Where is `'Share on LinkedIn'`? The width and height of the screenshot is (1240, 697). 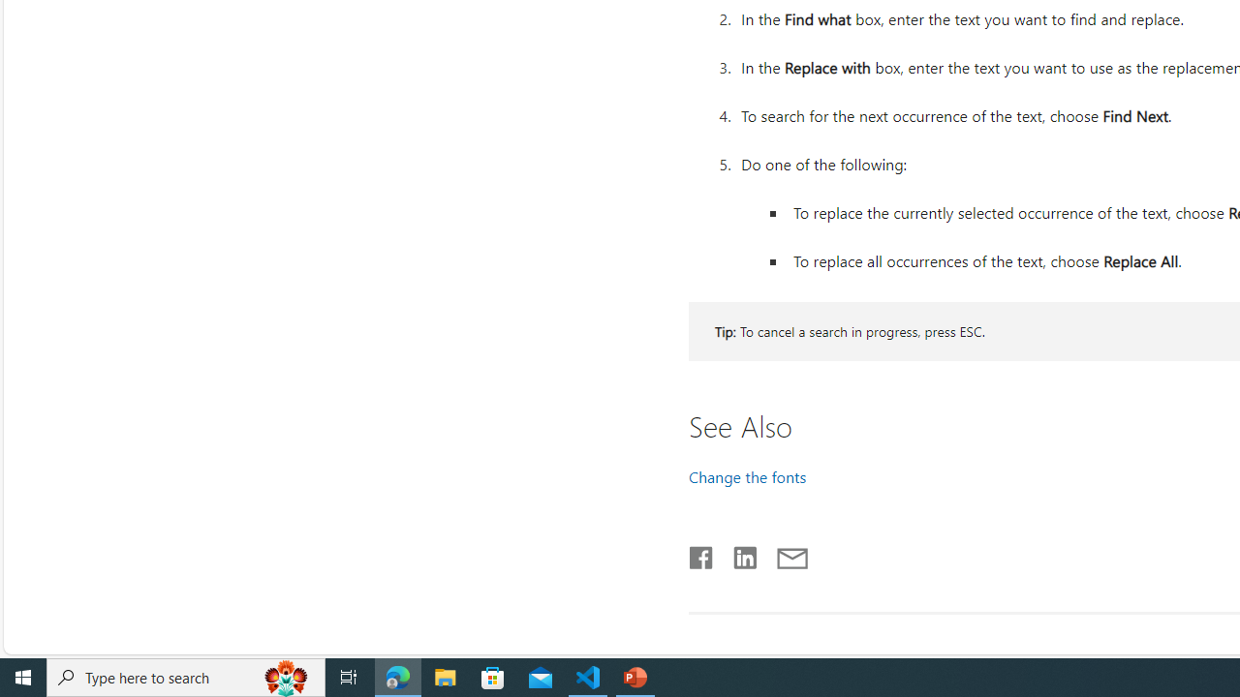 'Share on LinkedIn' is located at coordinates (735, 554).